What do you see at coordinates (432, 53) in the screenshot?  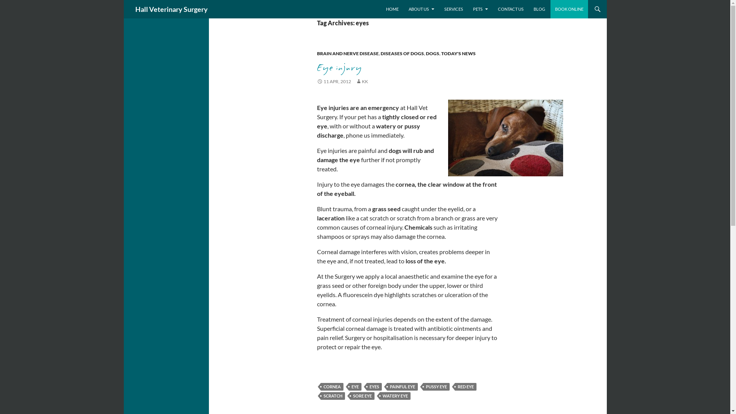 I see `'DOGS'` at bounding box center [432, 53].